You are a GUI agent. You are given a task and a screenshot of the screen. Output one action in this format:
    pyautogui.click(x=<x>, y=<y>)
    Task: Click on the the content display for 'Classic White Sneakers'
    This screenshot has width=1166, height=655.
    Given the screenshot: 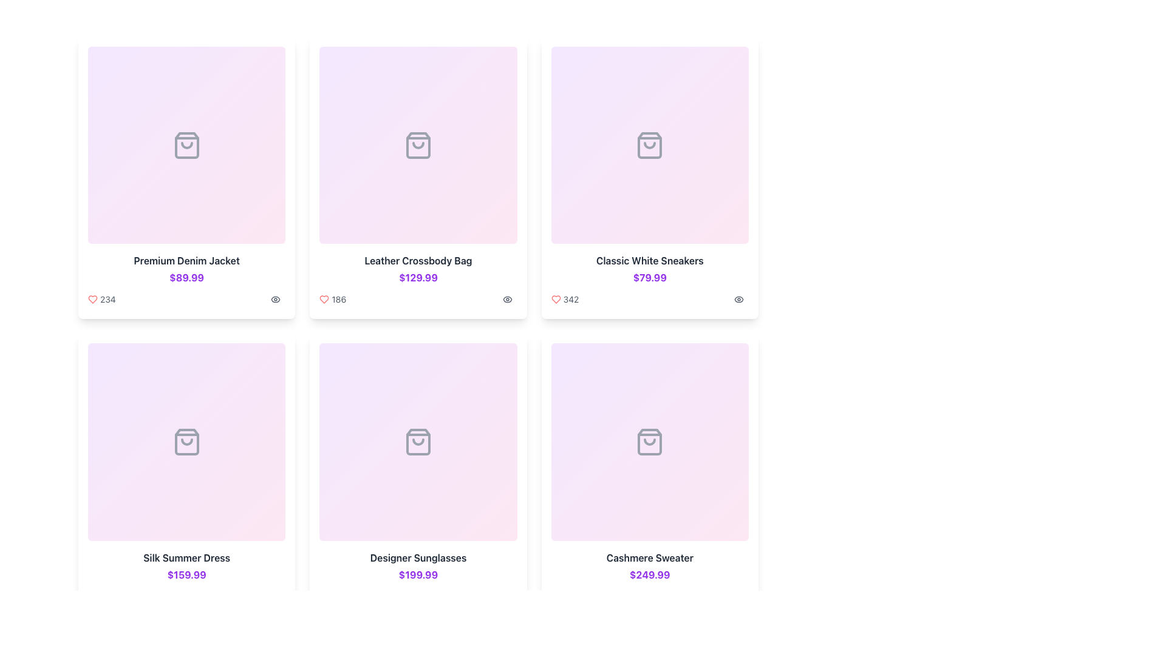 What is the action you would take?
    pyautogui.click(x=649, y=300)
    